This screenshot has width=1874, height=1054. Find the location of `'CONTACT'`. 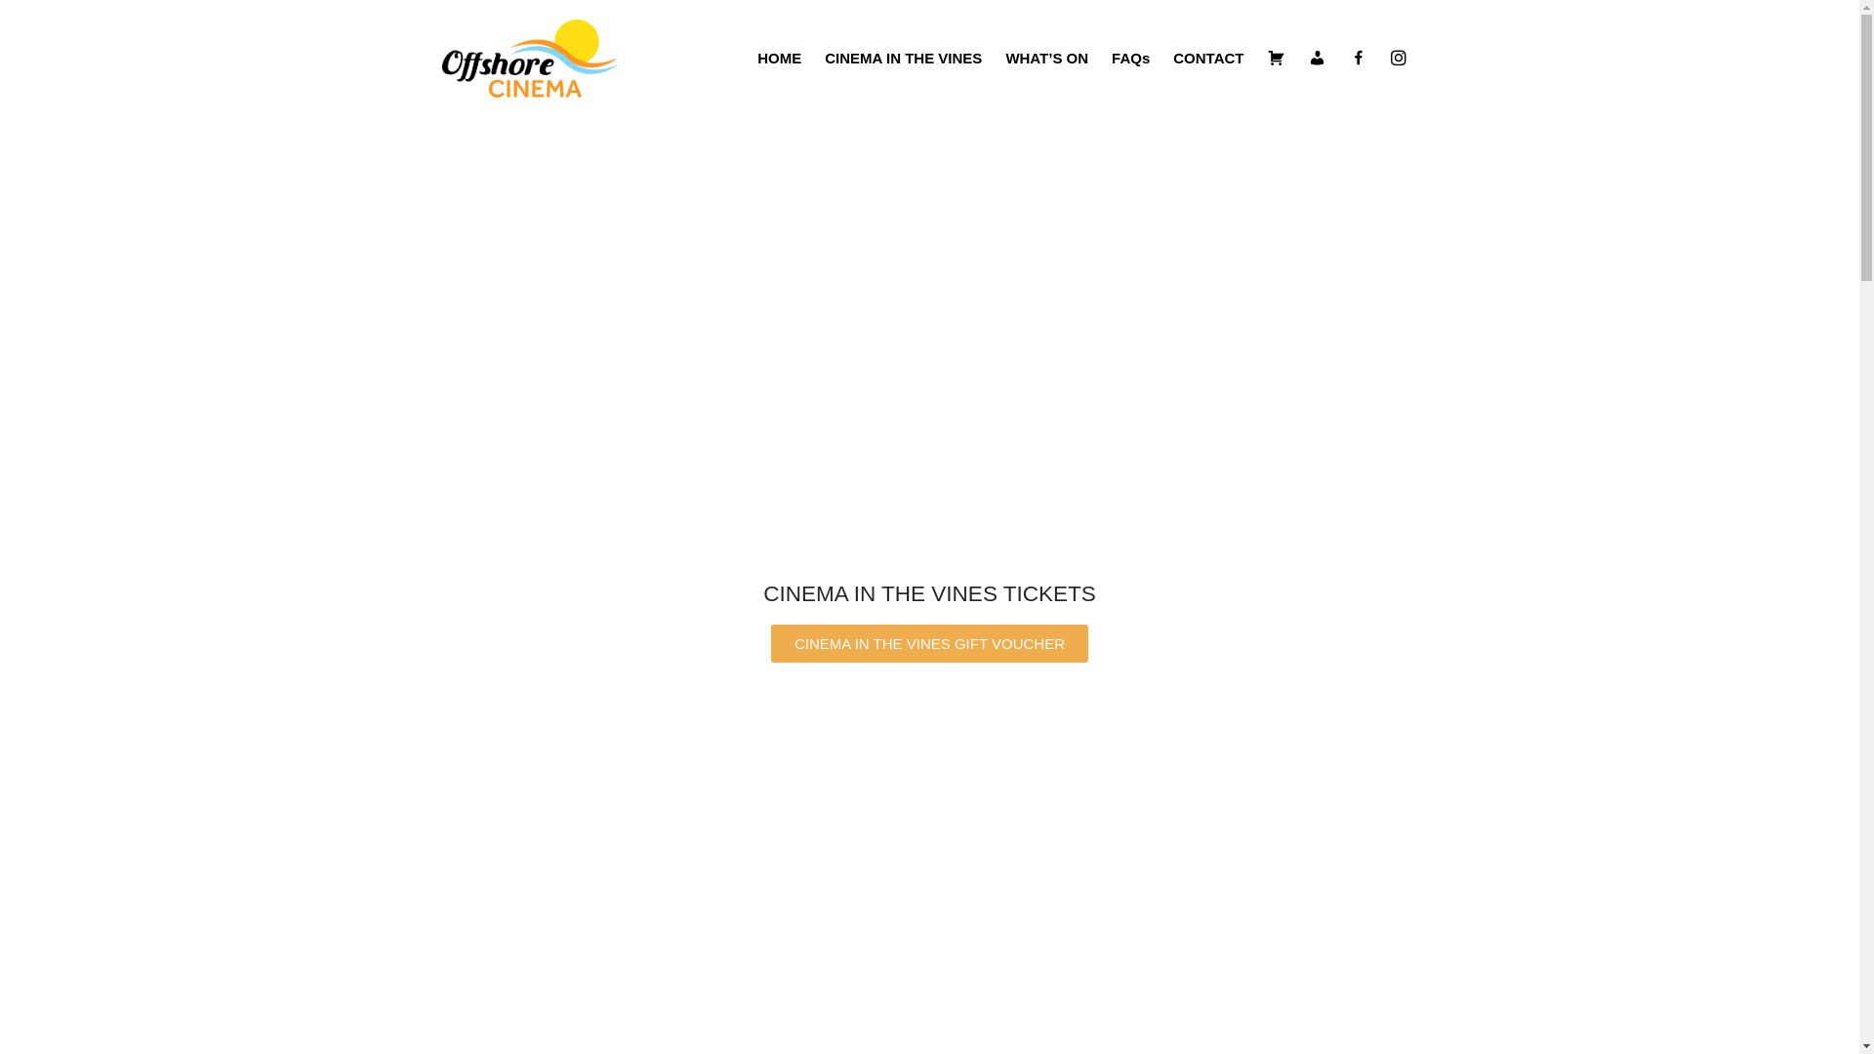

'CONTACT' is located at coordinates (1207, 58).